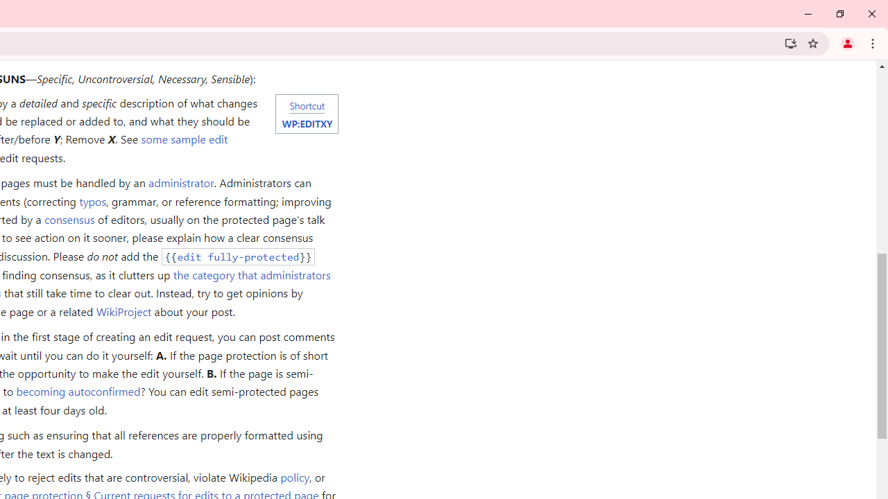 Image resolution: width=888 pixels, height=499 pixels. I want to click on 'administrator', so click(180, 182).